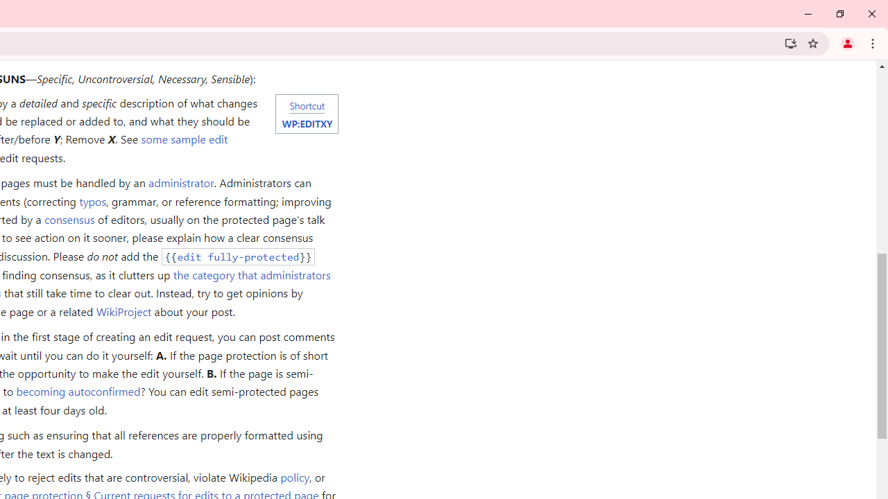 Image resolution: width=888 pixels, height=499 pixels. I want to click on 'administrator', so click(180, 182).